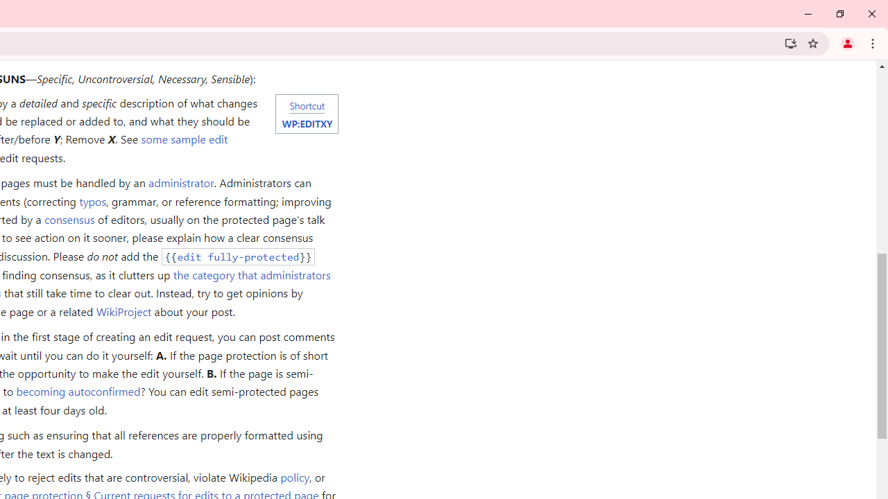 Image resolution: width=888 pixels, height=499 pixels. I want to click on 'administrator', so click(180, 182).